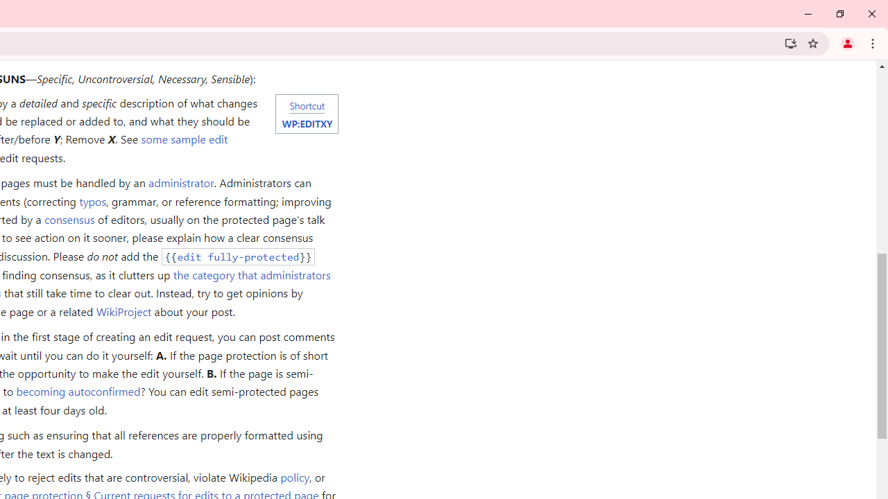 Image resolution: width=888 pixels, height=499 pixels. I want to click on 'administrator', so click(180, 182).